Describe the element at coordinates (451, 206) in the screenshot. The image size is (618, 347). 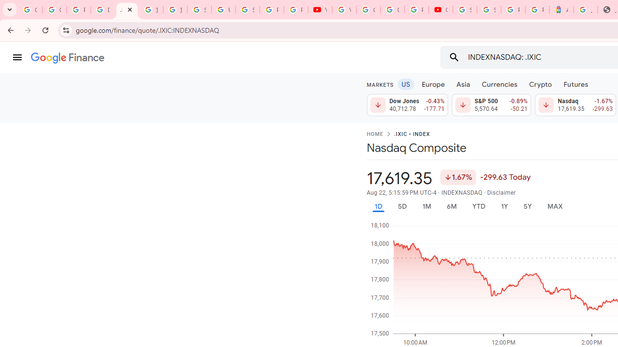
I see `'6M'` at that location.